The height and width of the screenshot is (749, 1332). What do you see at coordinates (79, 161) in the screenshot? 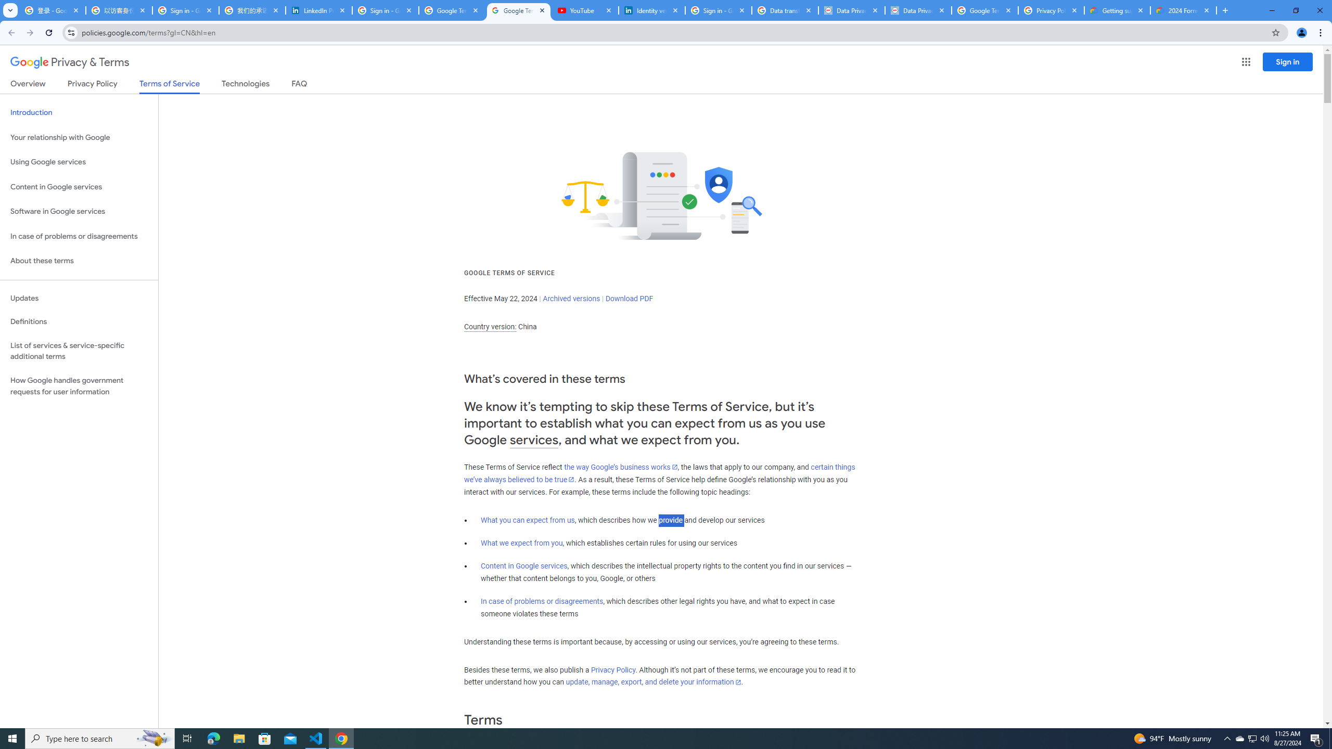
I see `'Using Google services'` at bounding box center [79, 161].